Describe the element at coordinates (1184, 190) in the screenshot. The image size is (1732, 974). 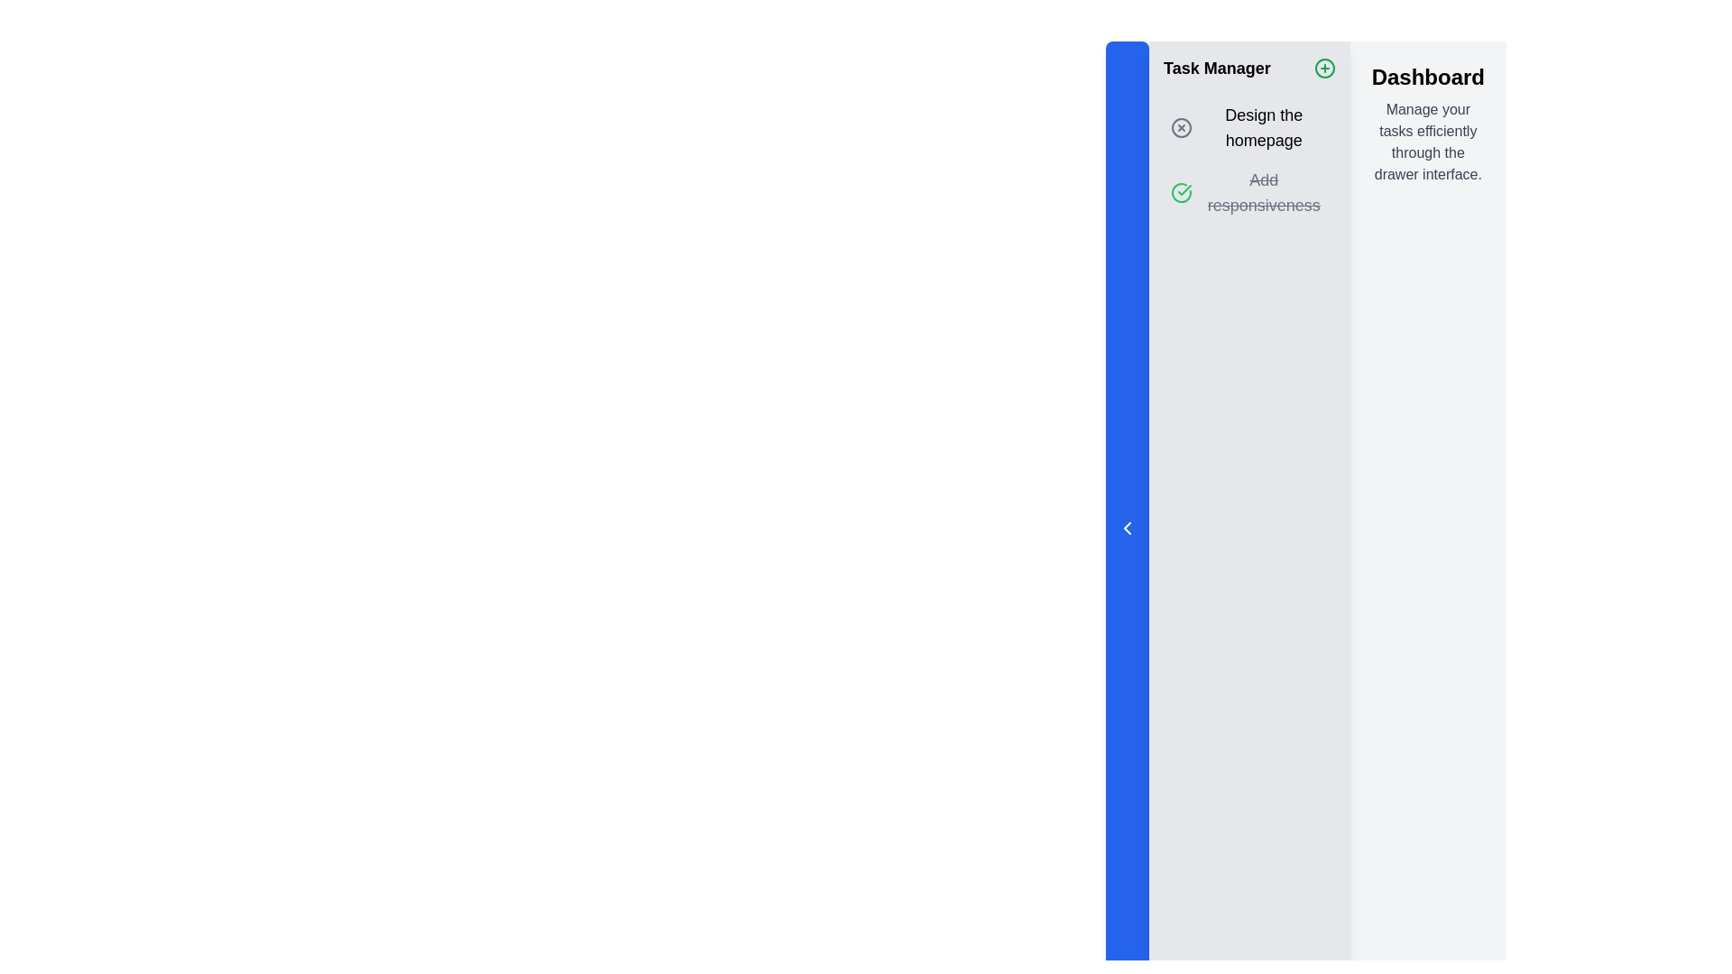
I see `completion status icon located in the second position of the task list, below the task titled 'Design the homepage', using the developer tools` at that location.